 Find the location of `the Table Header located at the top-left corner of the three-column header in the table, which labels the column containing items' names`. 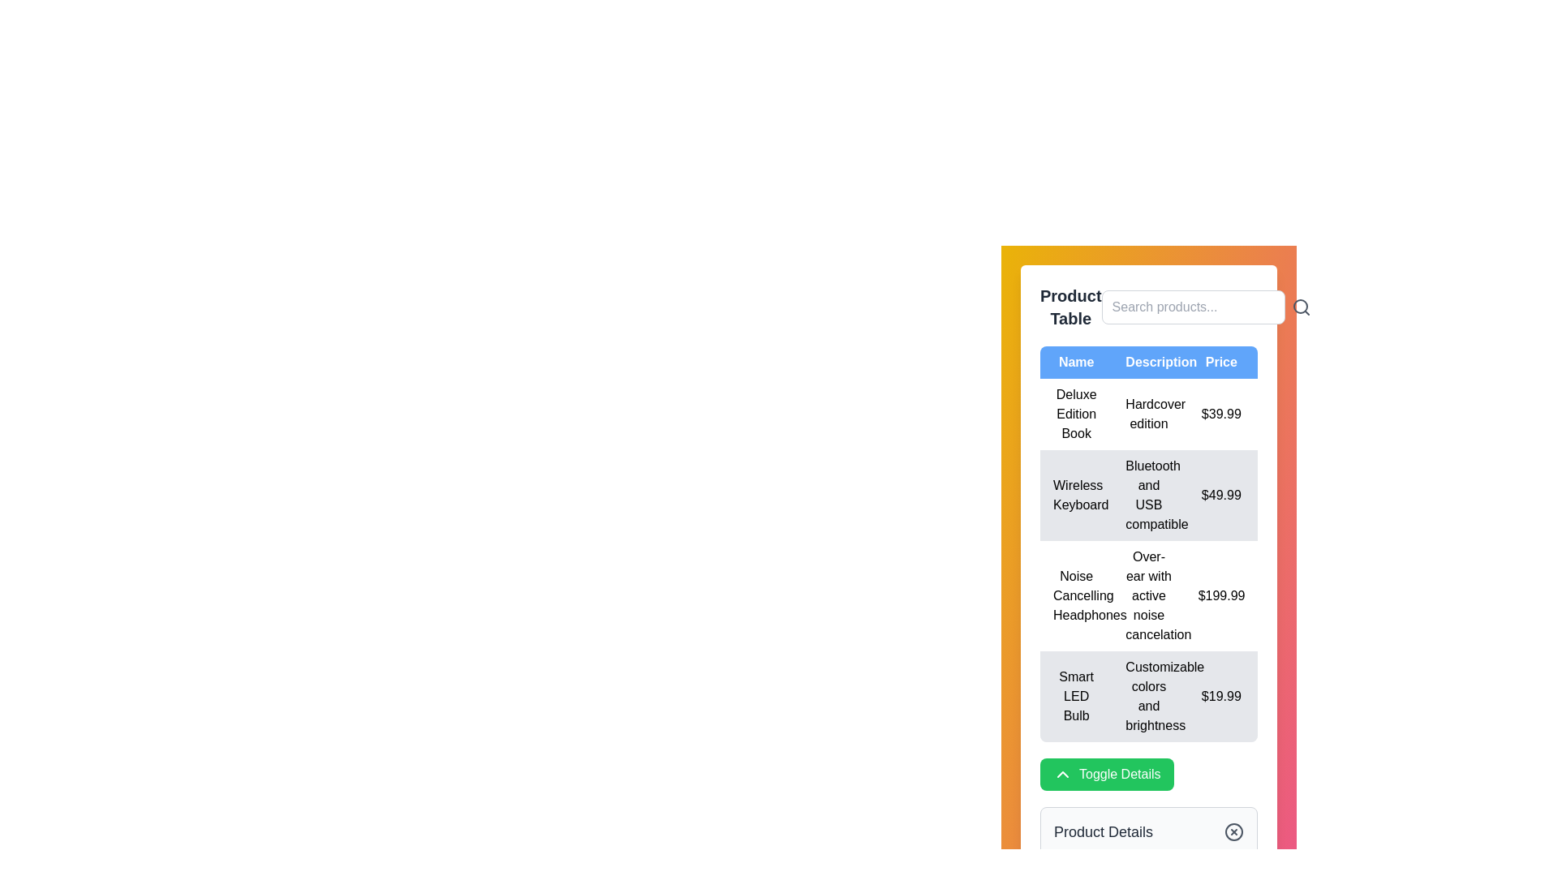

the Table Header located at the top-left corner of the three-column header in the table, which labels the column containing items' names is located at coordinates (1076, 362).